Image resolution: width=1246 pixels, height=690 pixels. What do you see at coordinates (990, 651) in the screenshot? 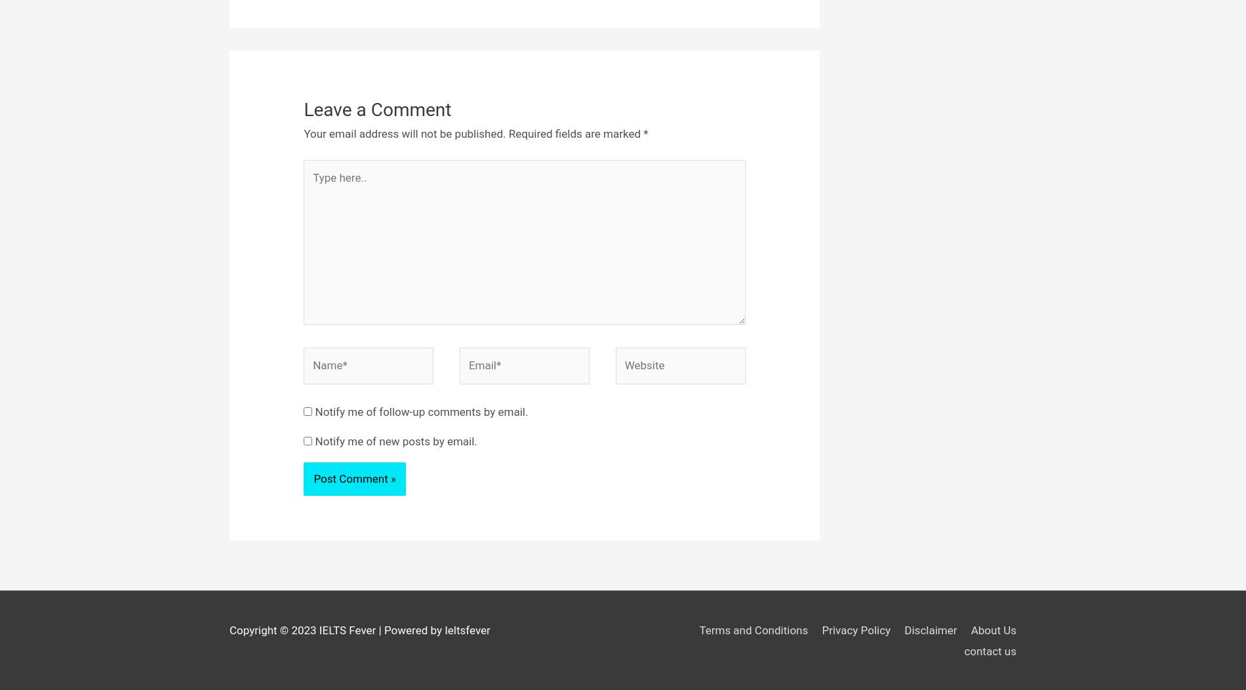
I see `'contact us'` at bounding box center [990, 651].